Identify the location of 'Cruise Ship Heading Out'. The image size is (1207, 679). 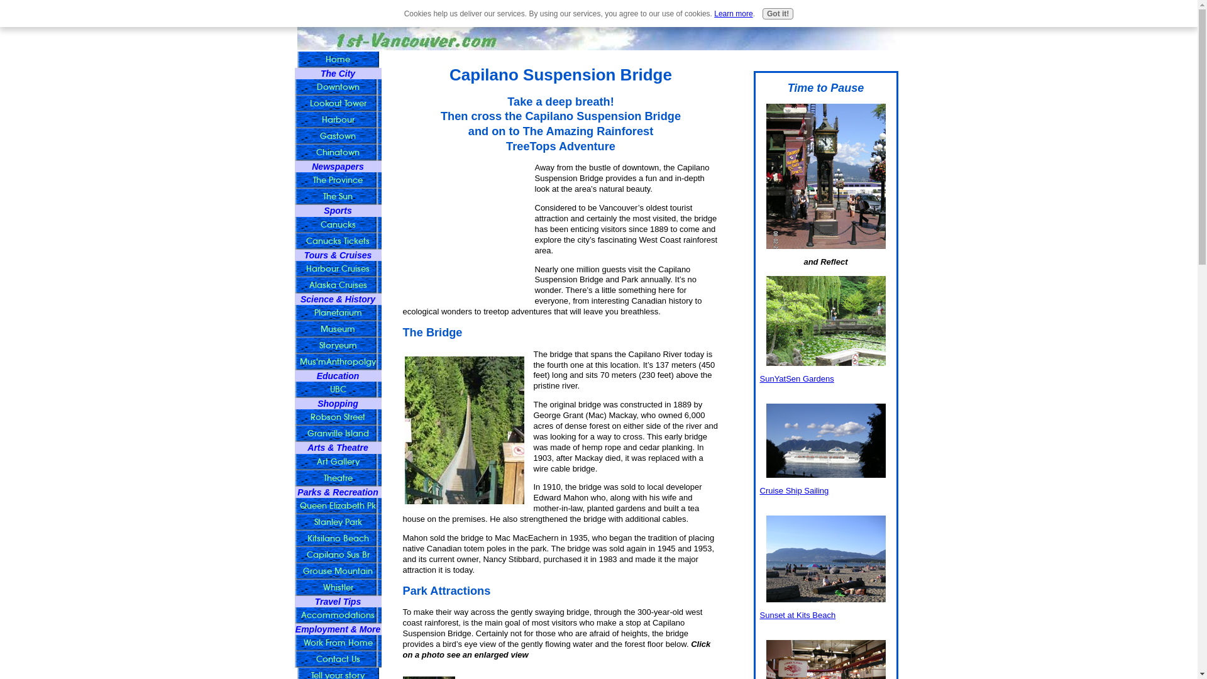
(825, 440).